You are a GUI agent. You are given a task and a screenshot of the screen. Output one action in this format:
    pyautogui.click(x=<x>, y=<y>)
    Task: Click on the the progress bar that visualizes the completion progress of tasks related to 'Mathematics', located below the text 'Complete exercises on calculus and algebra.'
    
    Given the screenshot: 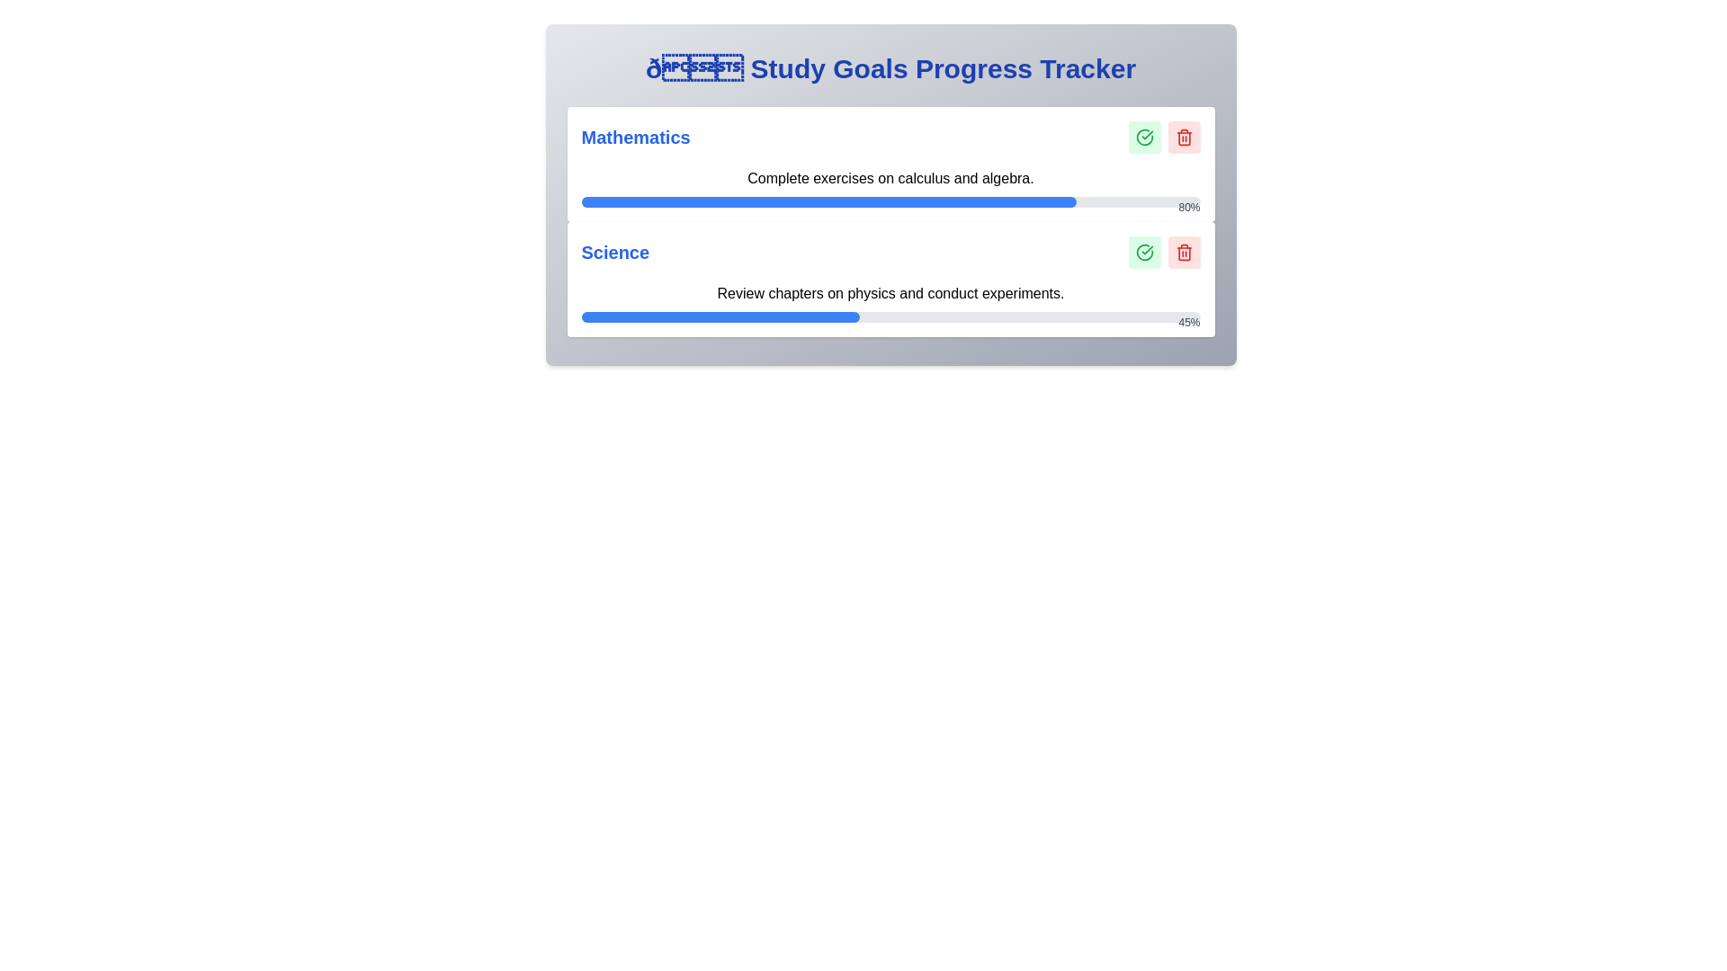 What is the action you would take?
    pyautogui.click(x=890, y=201)
    